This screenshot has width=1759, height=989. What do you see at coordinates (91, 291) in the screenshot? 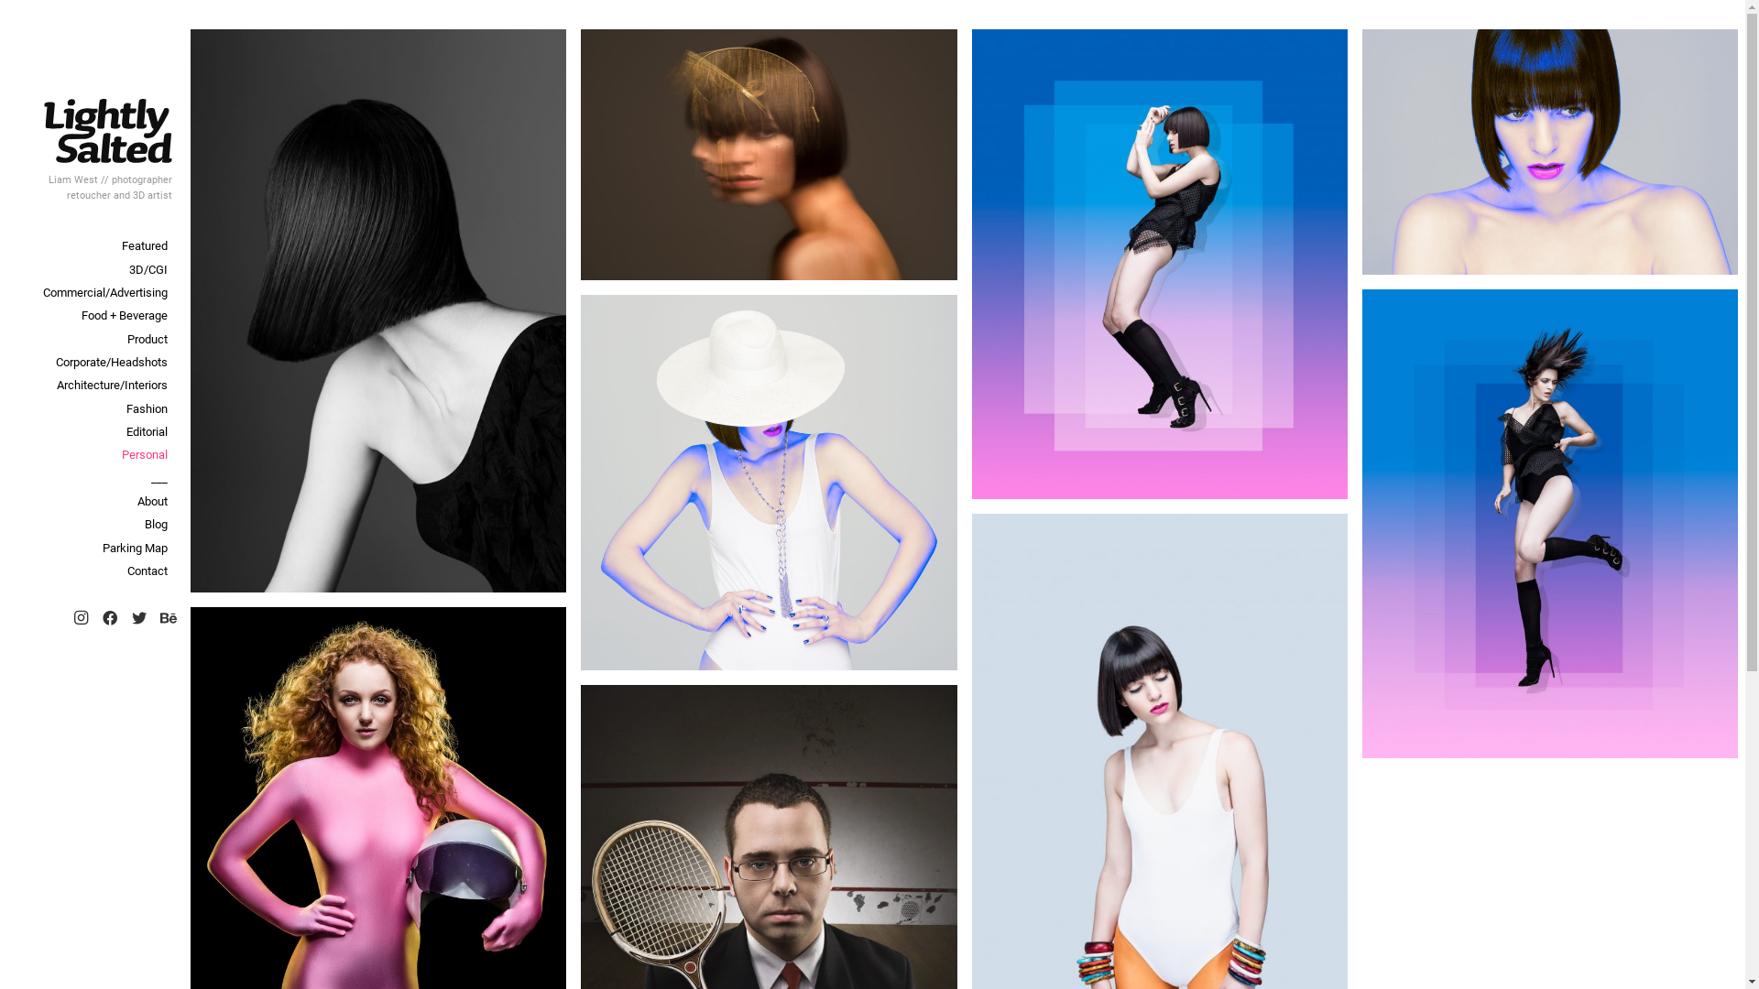
I see `'Commercial/Advertising'` at bounding box center [91, 291].